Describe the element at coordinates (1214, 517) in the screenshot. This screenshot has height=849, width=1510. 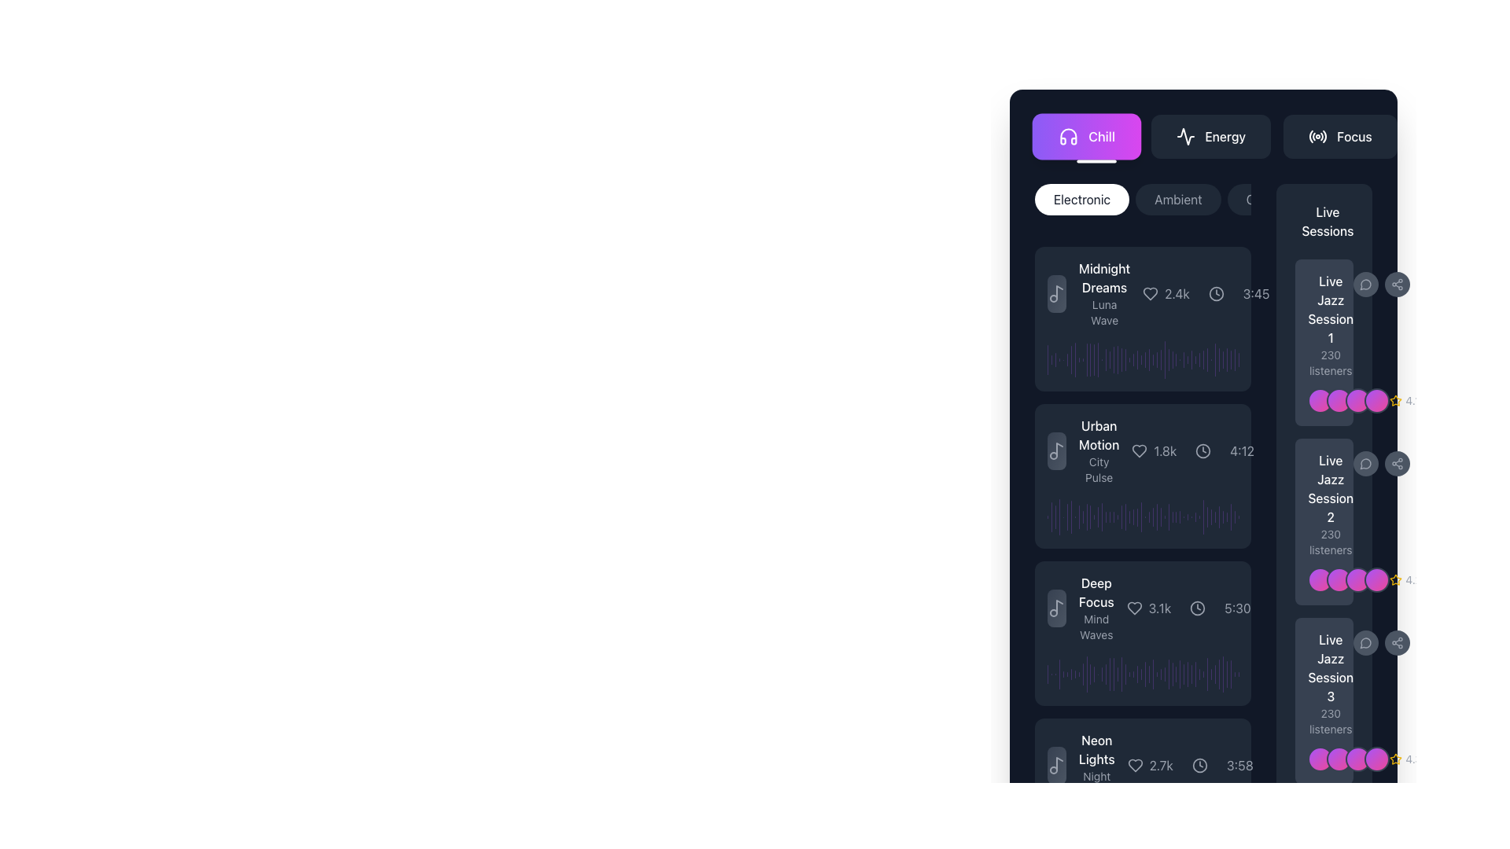
I see `the 42nd graphical bar element, which visually represents a measurement and is located in the right section of the interface, adjacent to a list of labeled sessions` at that location.